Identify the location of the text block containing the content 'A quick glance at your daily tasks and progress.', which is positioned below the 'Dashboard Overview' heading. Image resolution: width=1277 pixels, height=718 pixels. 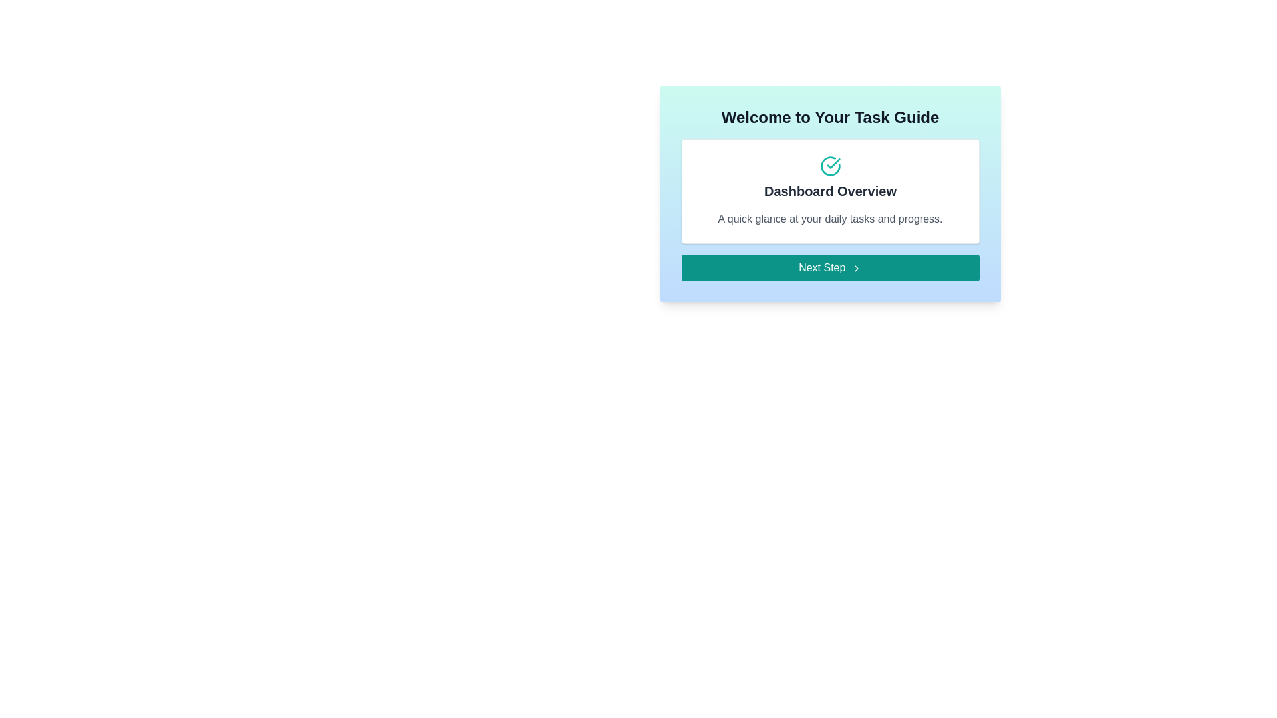
(829, 219).